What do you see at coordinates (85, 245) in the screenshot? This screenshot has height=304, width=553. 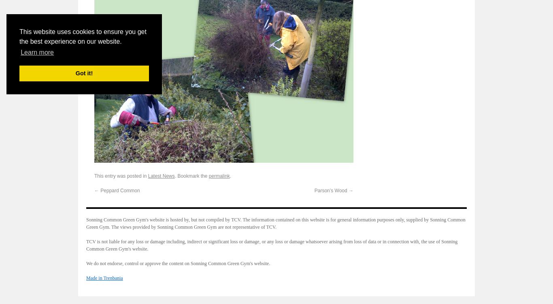 I see `'TCV is not liable for any loss or damage including, indirect or significant loss or damage, or any loss or damage whatsoever arising from loss of data or in connection with, the use of Sonning Common Green Gym's website.'` at bounding box center [85, 245].